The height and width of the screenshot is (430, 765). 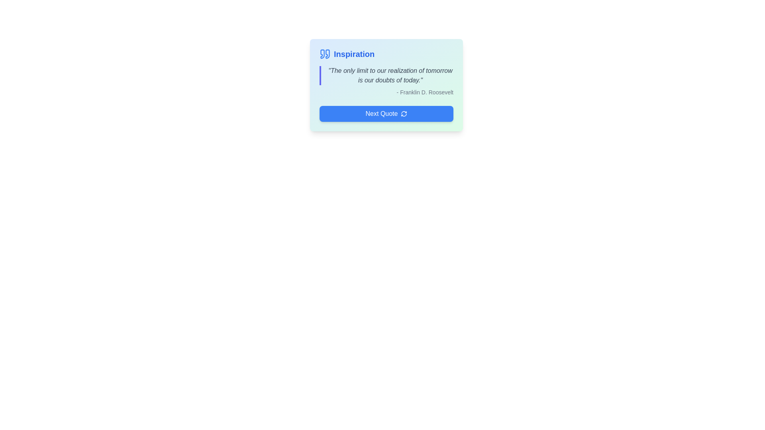 I want to click on the first stylized blue quotation mark icon in the UI, which is positioned to the far left of the horizontal layout group, preceding the text labeled 'Inspiration.', so click(x=325, y=54).